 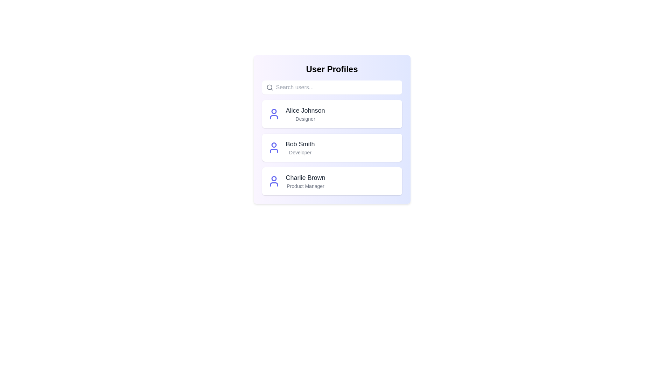 I want to click on the search input field to focus it, so click(x=337, y=87).